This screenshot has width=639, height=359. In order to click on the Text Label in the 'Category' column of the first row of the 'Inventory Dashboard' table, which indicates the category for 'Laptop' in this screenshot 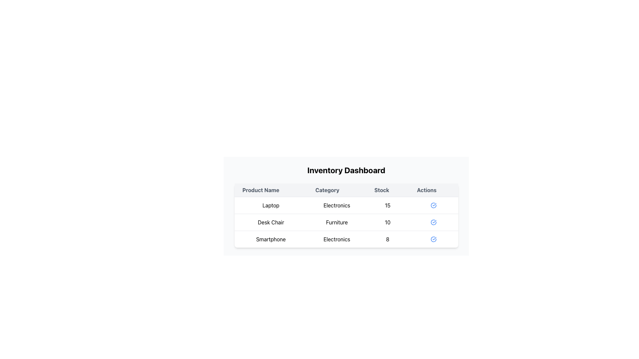, I will do `click(337, 205)`.